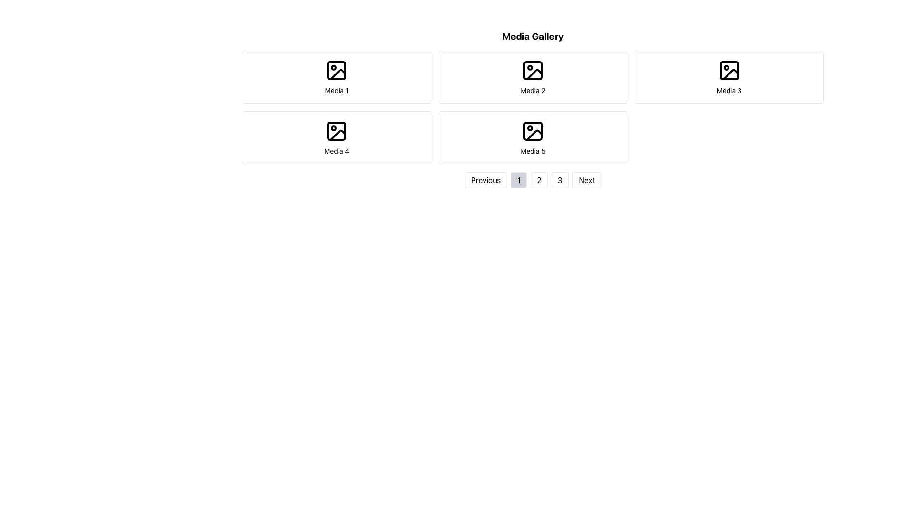 The width and height of the screenshot is (922, 519). I want to click on the button labeled '3' in the navigation bar, so click(560, 180).